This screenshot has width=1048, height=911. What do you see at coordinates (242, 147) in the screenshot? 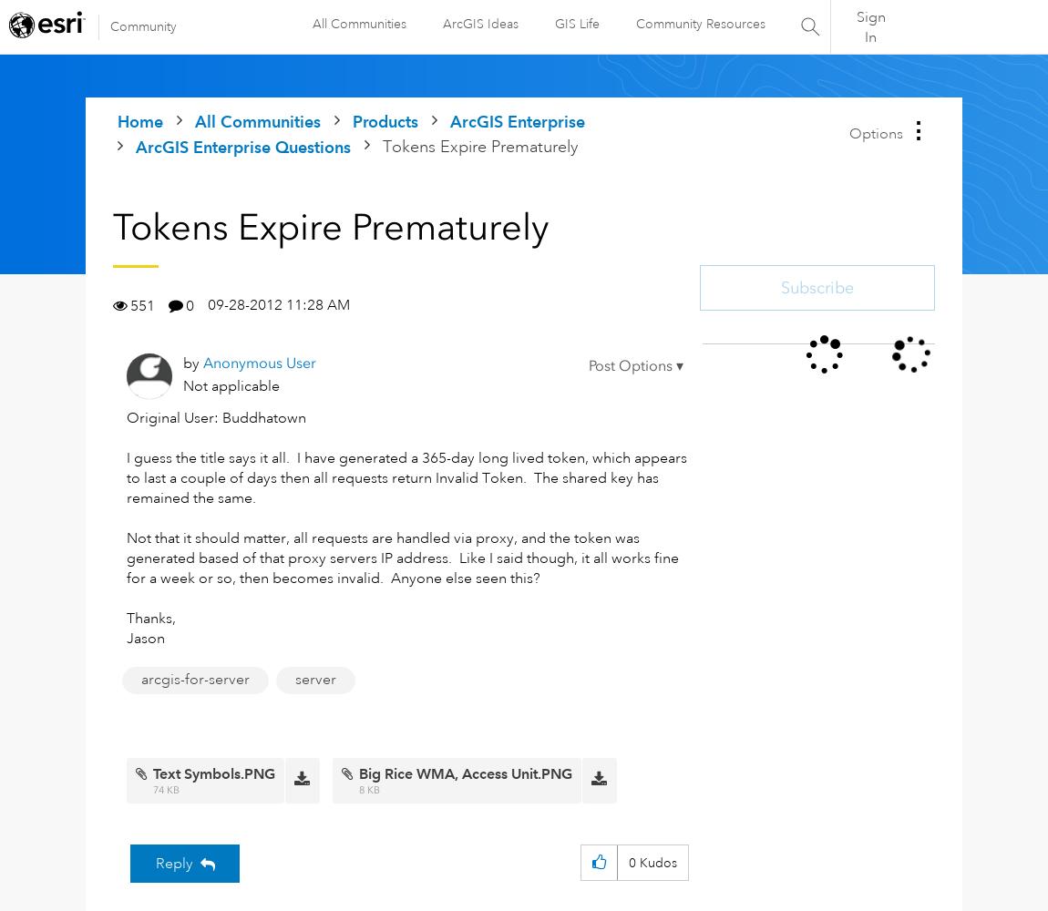
I see `'ArcGIS Enterprise Questions'` at bounding box center [242, 147].